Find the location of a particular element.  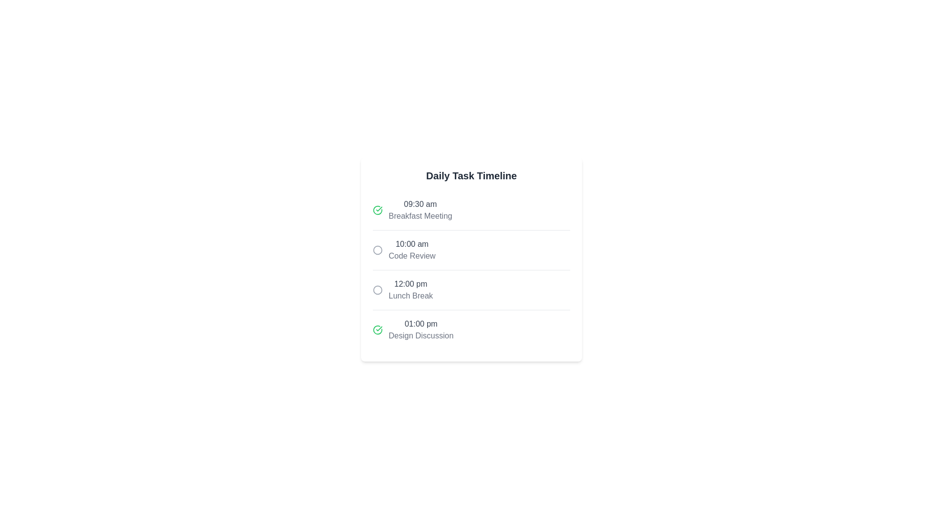

textual information of the scheduled task displayed as '09:30 am' in bold and 'Breakfast Meeting' in lighter grey, located at the top of the Daily Task Timeline is located at coordinates (420, 210).